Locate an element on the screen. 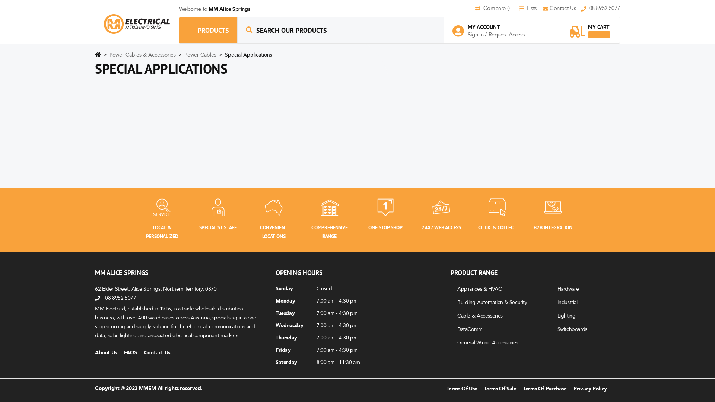 The height and width of the screenshot is (402, 715). 'Appliances & HVAC' is located at coordinates (479, 288).